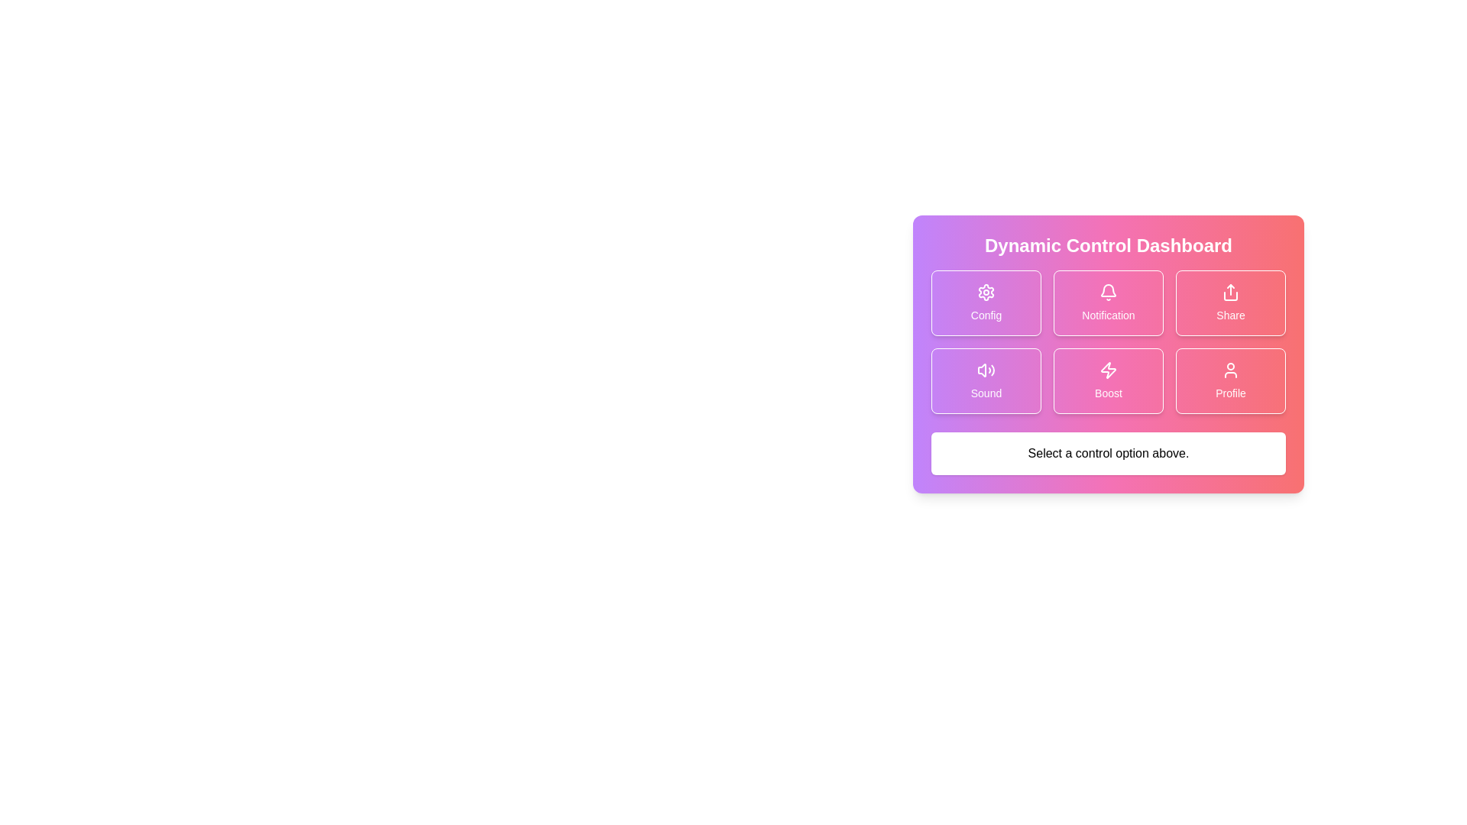 This screenshot has width=1467, height=825. I want to click on the cogwheel icon located within the 'Config' button at the top left of the grid in the 'Dynamic Control Dashboard', so click(986, 292).